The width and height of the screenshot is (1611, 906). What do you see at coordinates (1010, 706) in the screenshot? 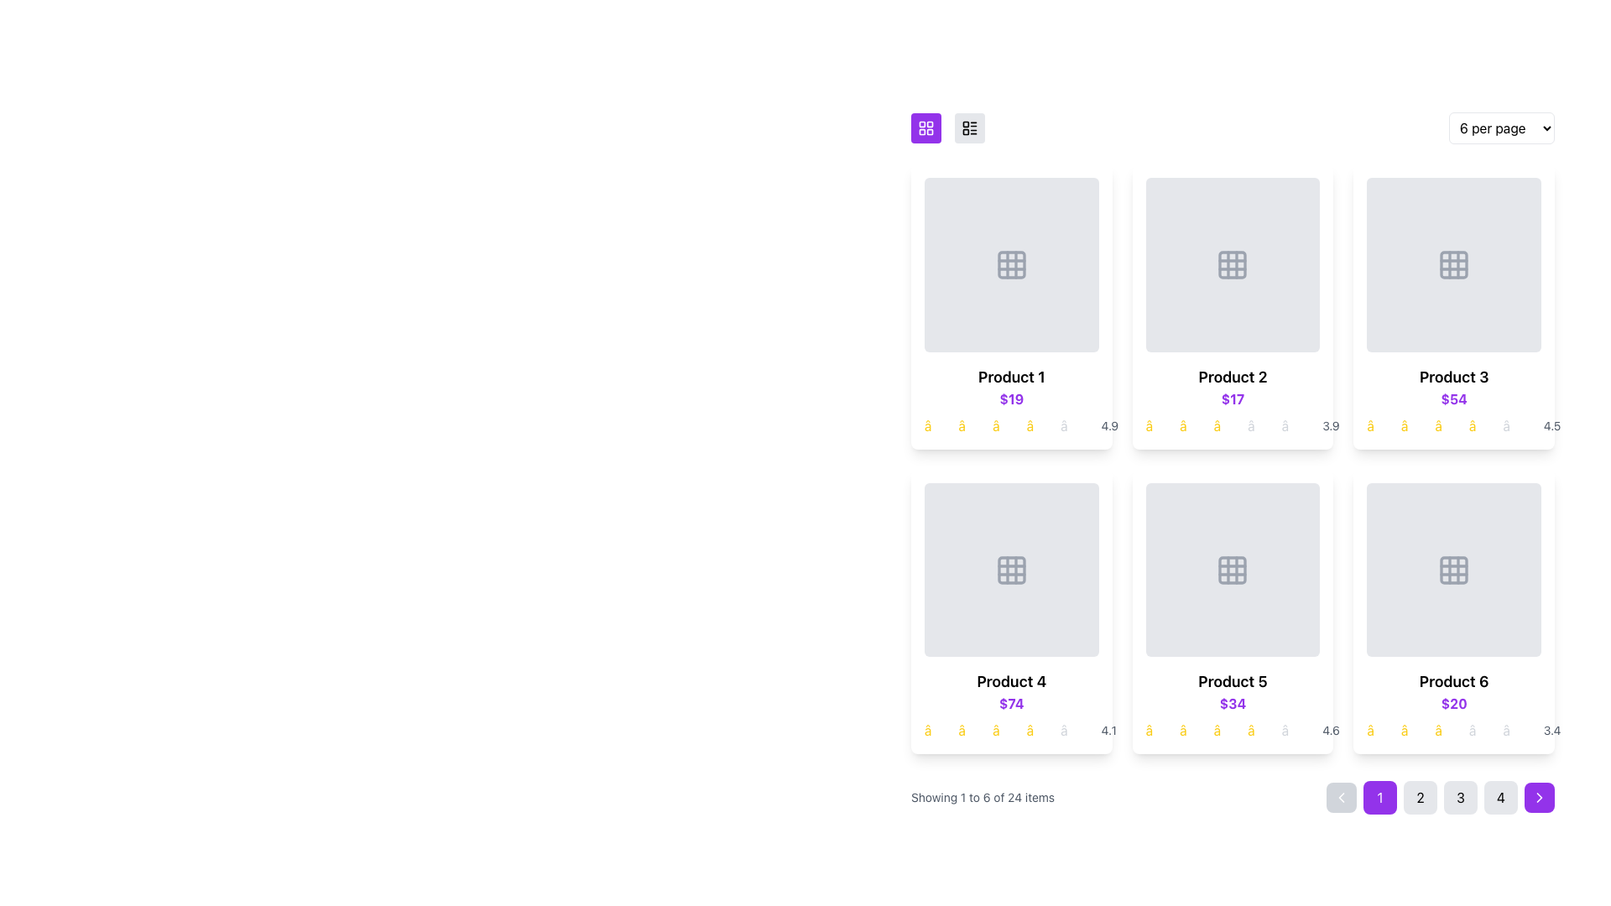
I see `to select or interact with the Information display card section for 'Product 4', which features a bold title, price, and rating in a grid layout` at bounding box center [1010, 706].